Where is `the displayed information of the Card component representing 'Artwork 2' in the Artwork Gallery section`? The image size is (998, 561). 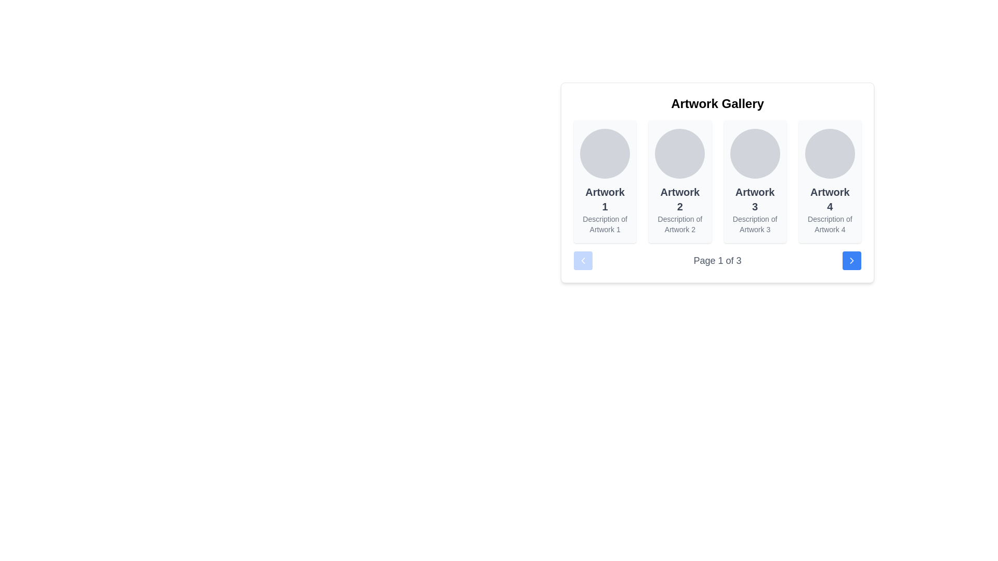 the displayed information of the Card component representing 'Artwork 2' in the Artwork Gallery section is located at coordinates (680, 181).